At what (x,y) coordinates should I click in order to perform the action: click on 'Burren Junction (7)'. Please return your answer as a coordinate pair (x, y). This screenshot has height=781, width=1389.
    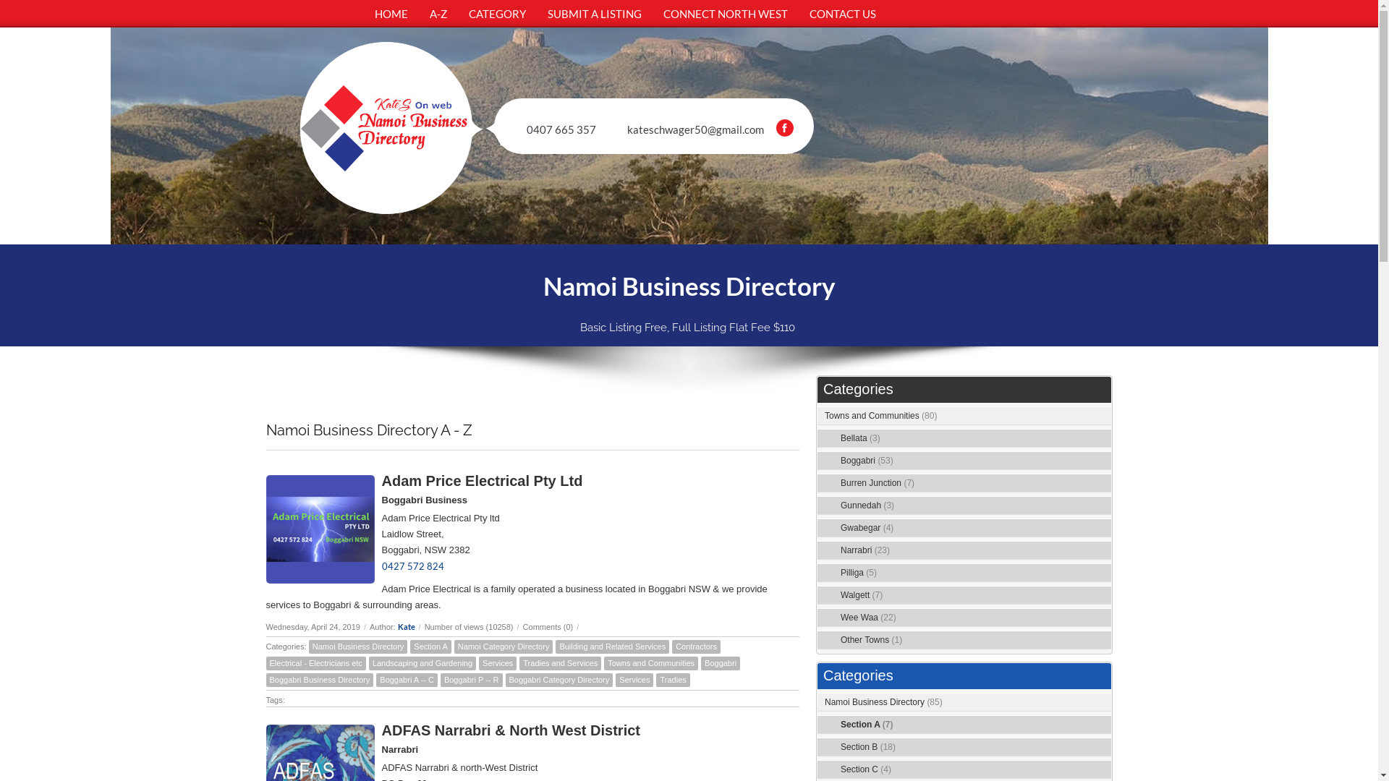
    Looking at the image, I should click on (877, 482).